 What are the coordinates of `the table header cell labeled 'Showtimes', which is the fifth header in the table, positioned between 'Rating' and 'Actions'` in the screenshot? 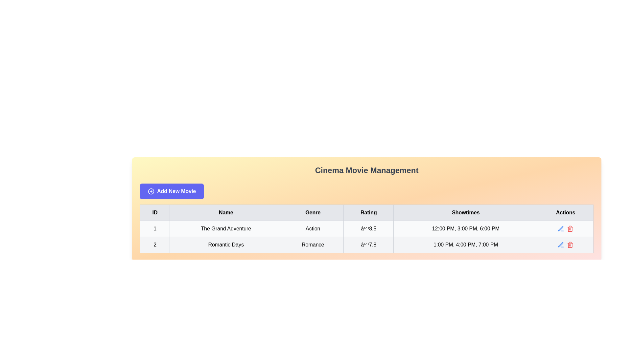 It's located at (465, 212).